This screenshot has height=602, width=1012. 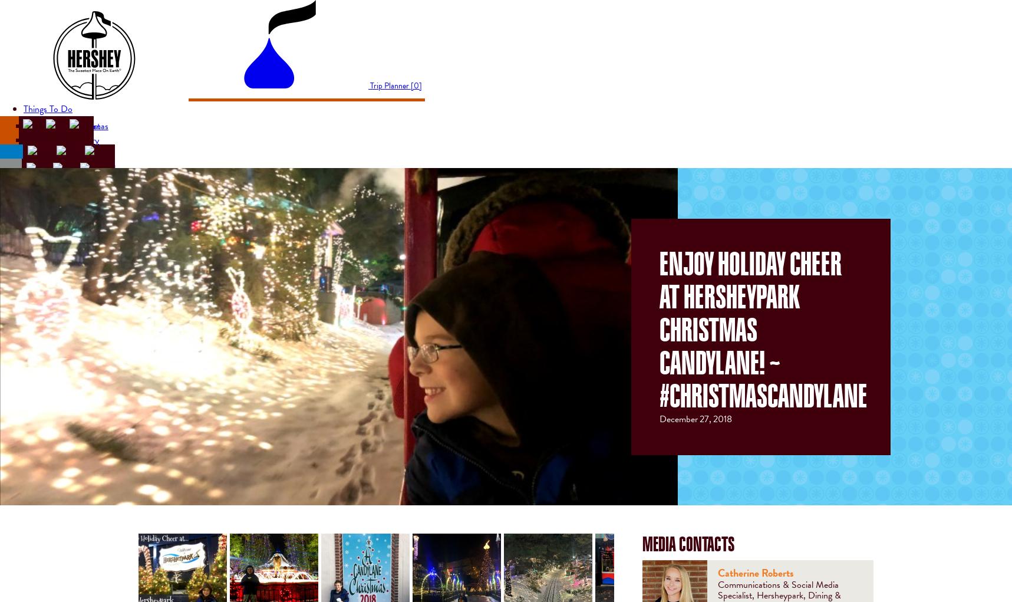 I want to click on 'Shopping', so click(x=40, y=231).